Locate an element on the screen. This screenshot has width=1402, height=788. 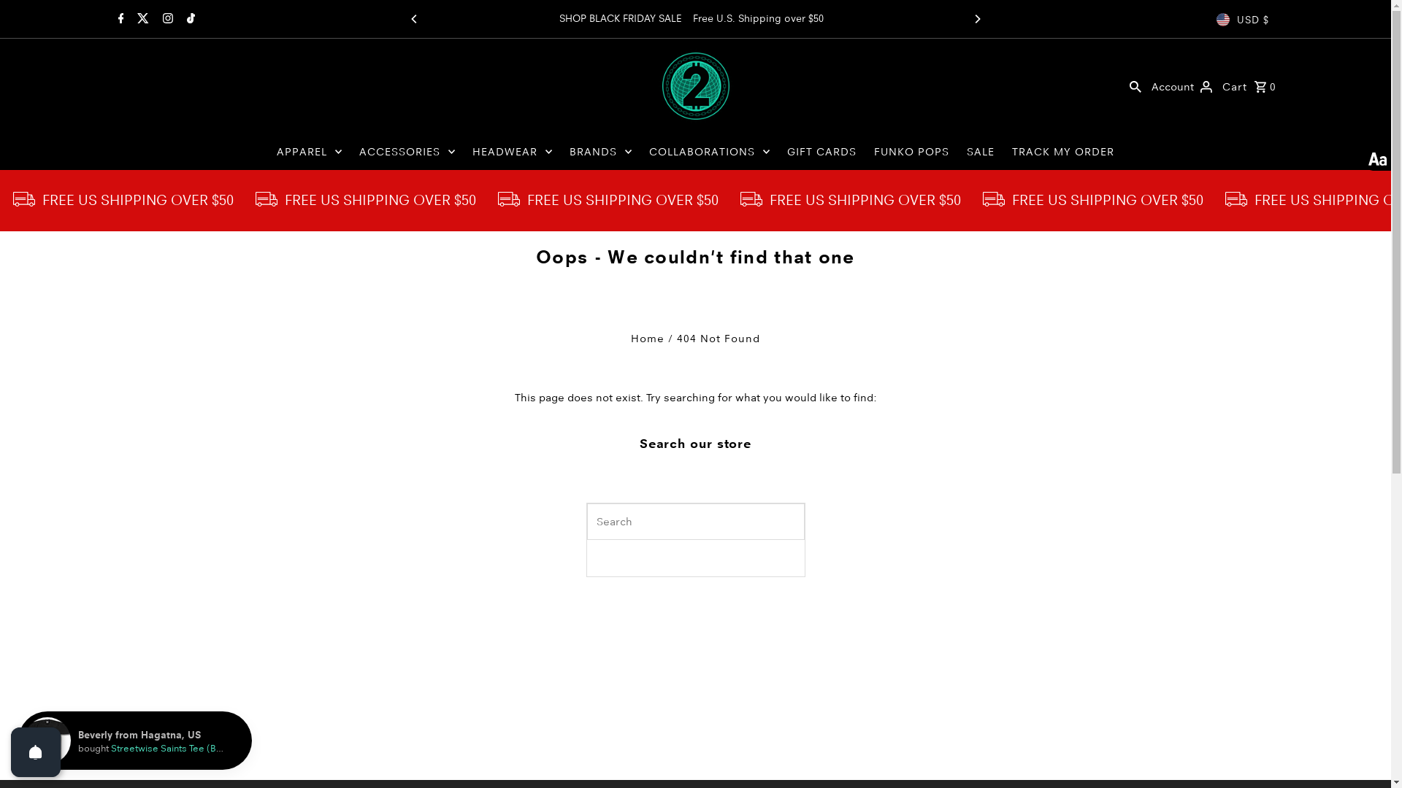
'TRACK MY ORDER' is located at coordinates (1004, 152).